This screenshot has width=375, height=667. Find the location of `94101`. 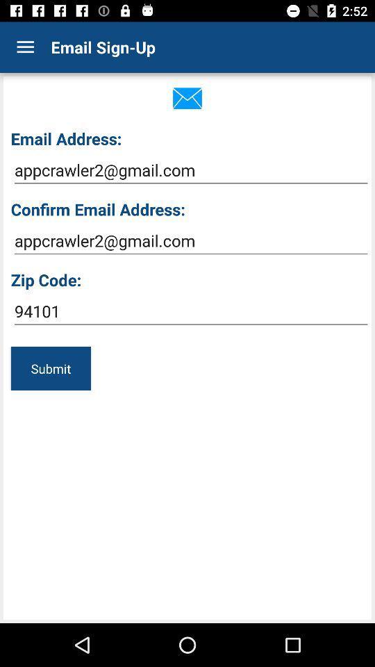

94101 is located at coordinates (190, 311).